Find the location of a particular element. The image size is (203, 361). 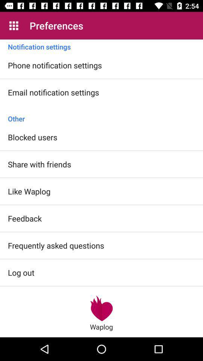

share with friends is located at coordinates (39, 164).